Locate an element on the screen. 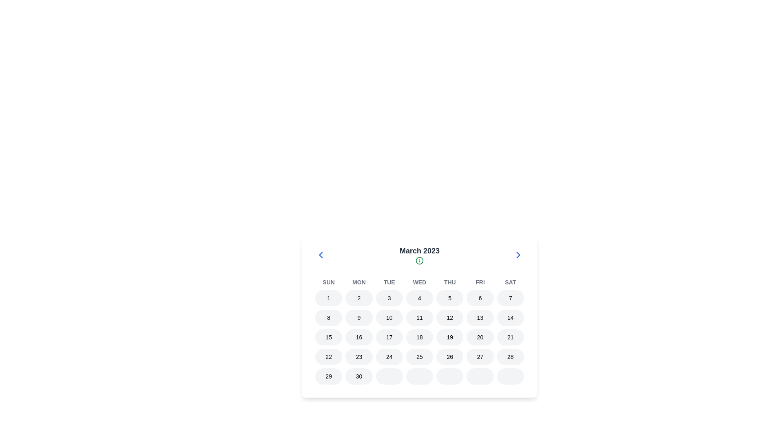  the button displaying the number '18', which is a rounded rectangle with a light gray background, located in the fourth column of a calendar row is located at coordinates (419, 337).